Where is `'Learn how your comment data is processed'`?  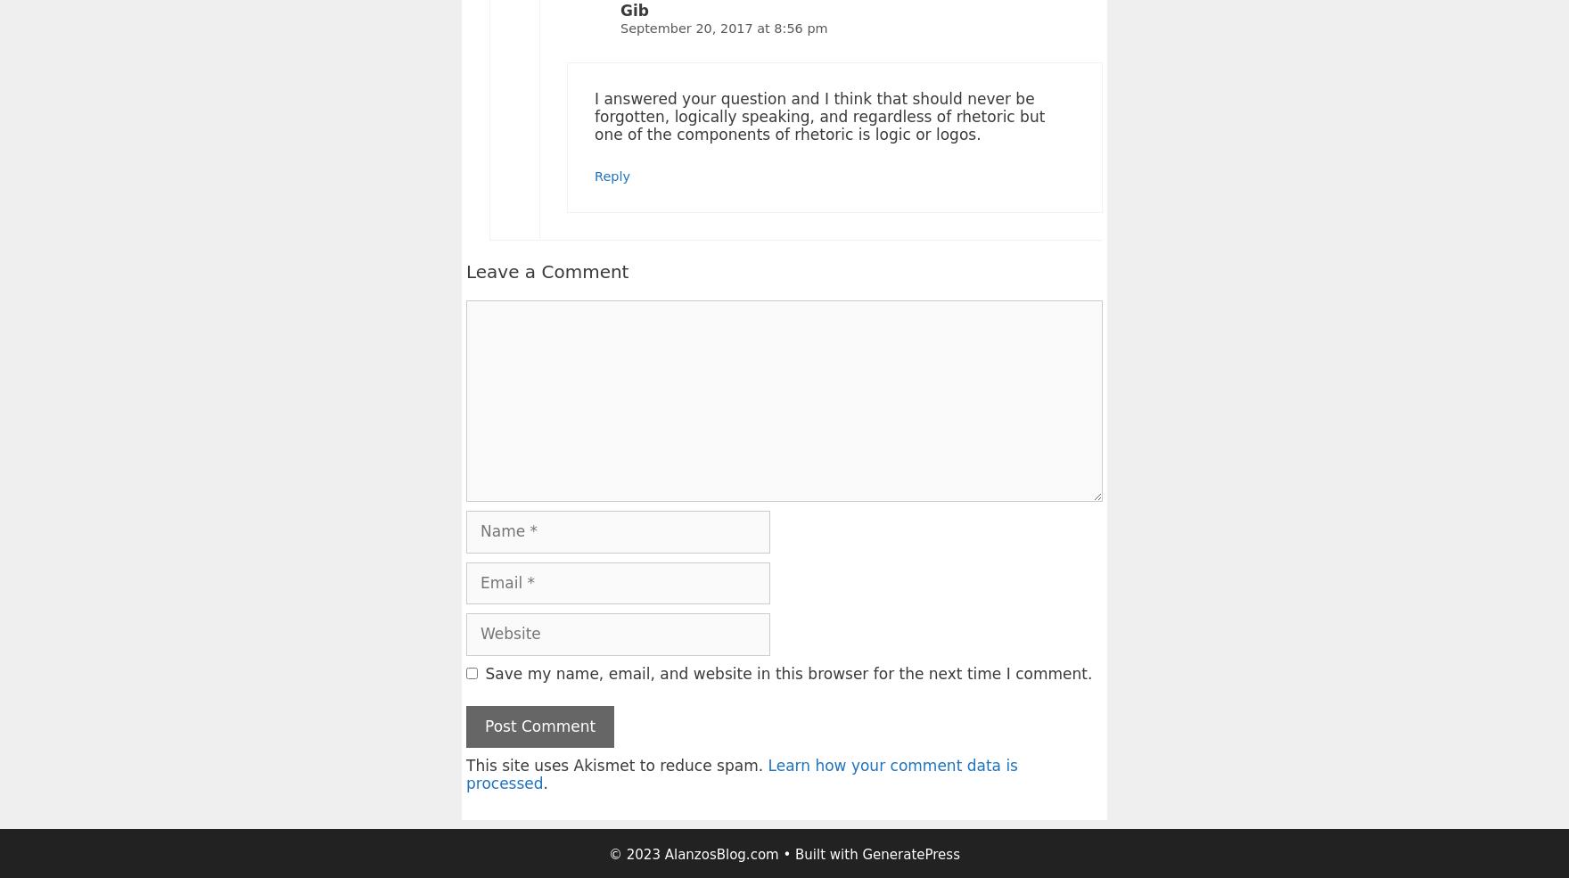 'Learn how your comment data is processed' is located at coordinates (740, 773).